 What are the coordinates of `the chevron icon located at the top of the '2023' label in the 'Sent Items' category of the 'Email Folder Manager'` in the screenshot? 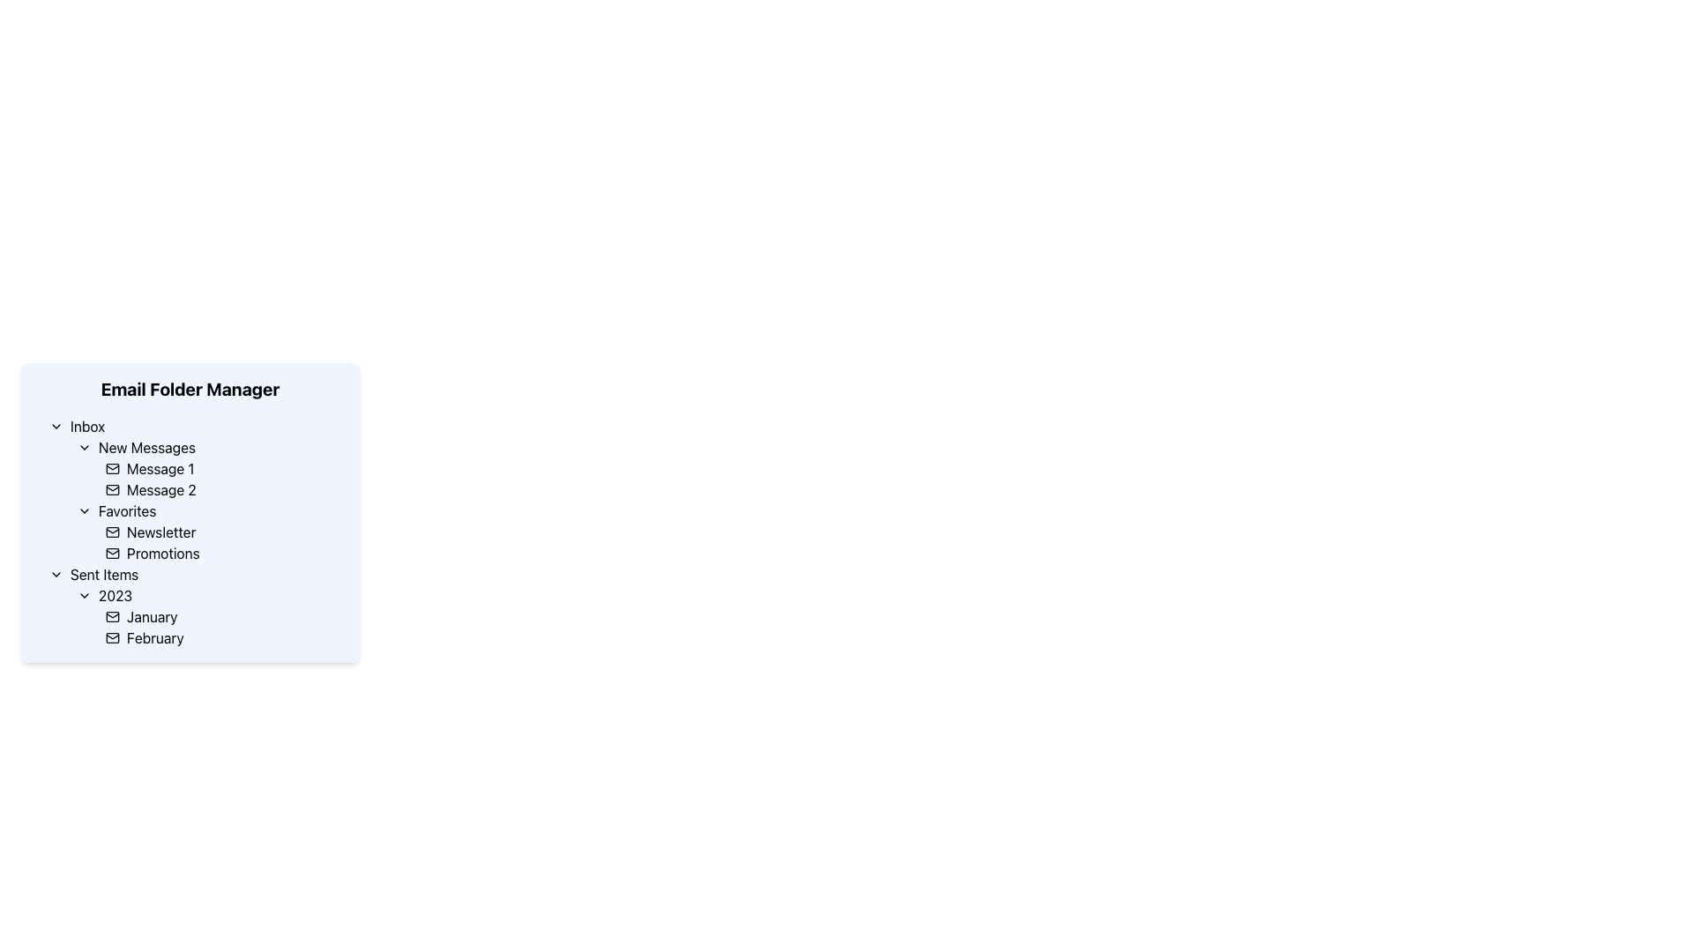 It's located at (84, 595).